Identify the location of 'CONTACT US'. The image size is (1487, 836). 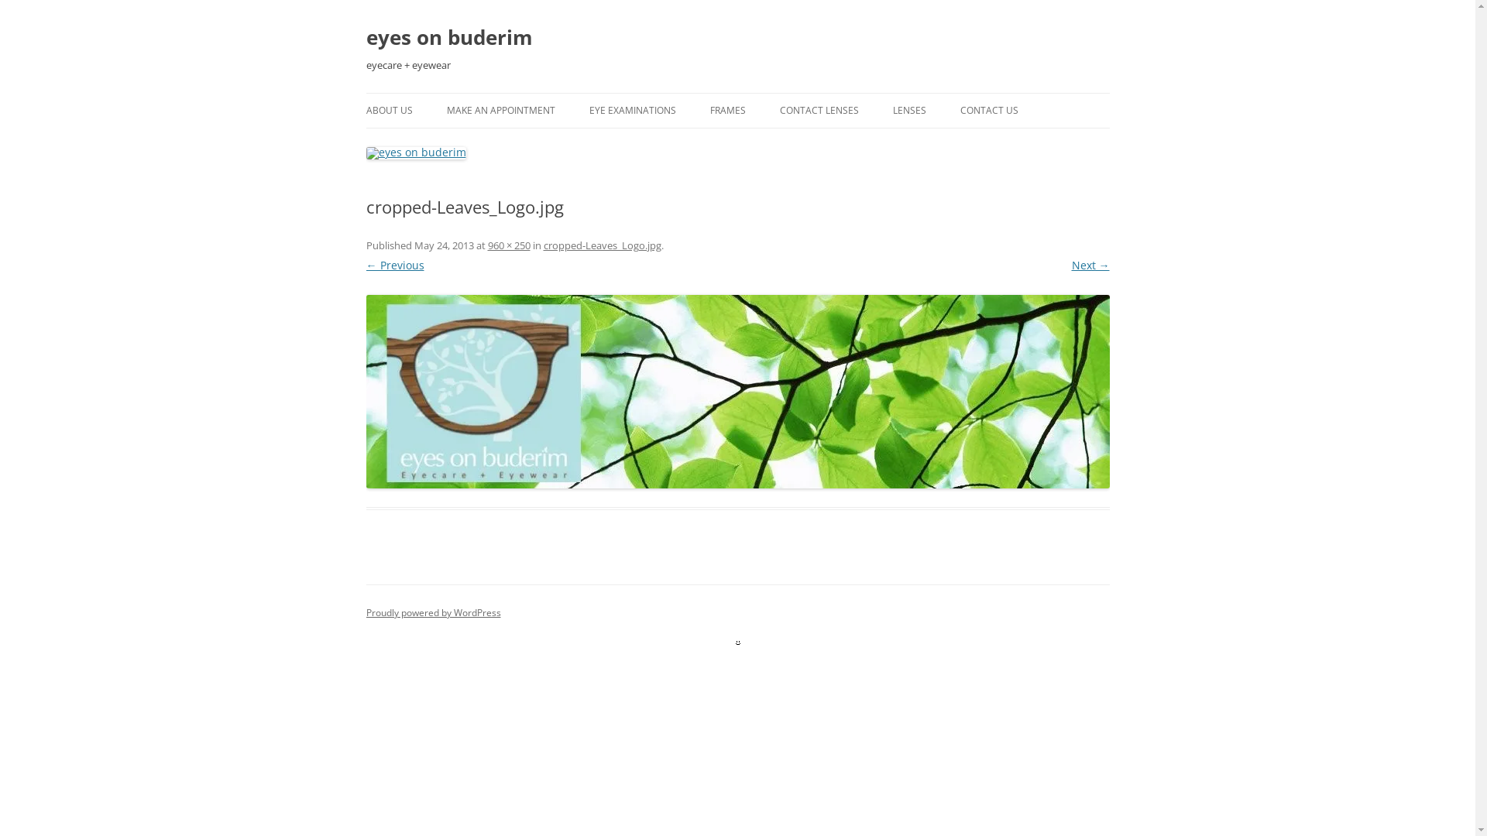
(988, 109).